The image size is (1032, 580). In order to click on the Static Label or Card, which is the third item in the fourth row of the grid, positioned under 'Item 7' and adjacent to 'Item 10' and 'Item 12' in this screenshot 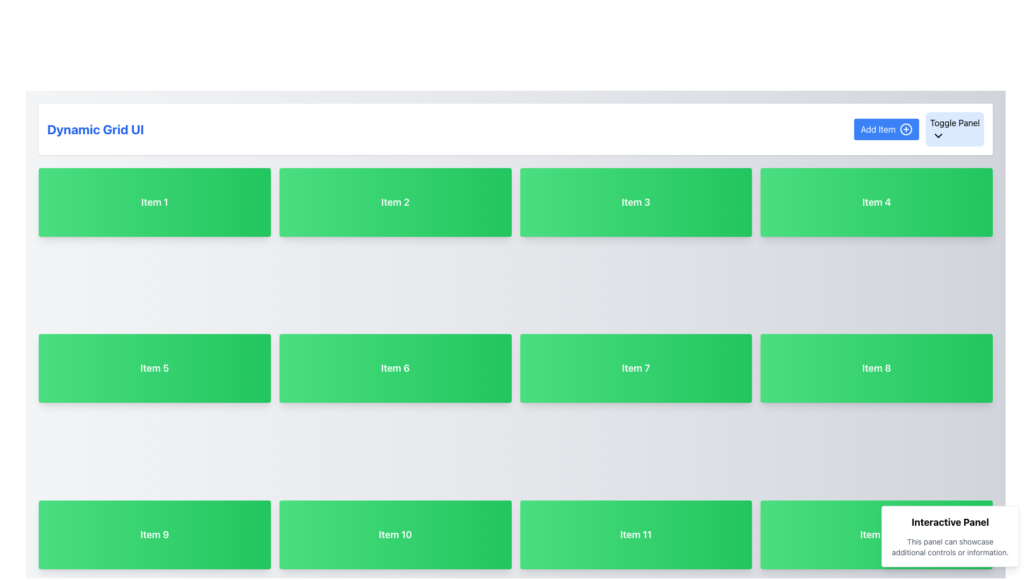, I will do `click(636, 534)`.